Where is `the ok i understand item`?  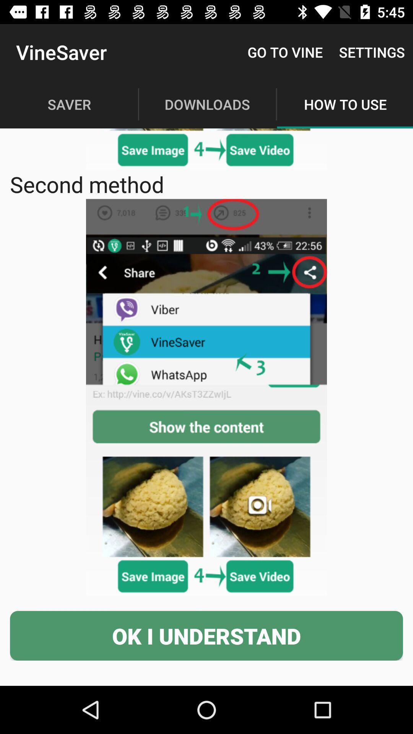 the ok i understand item is located at coordinates (206, 636).